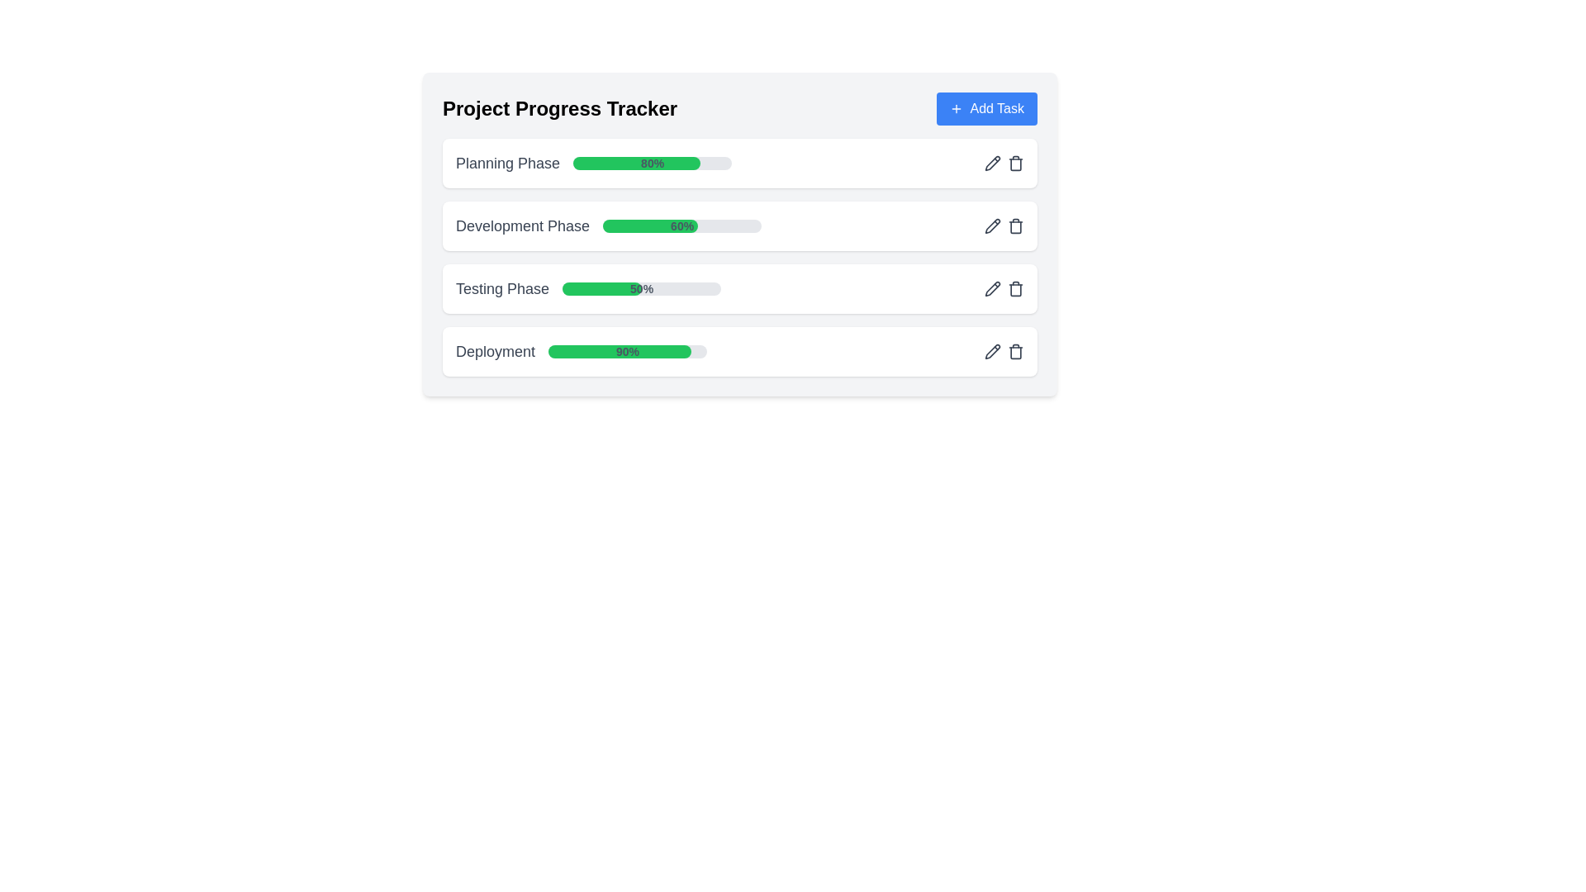  Describe the element at coordinates (619, 350) in the screenshot. I see `the filled green segment of the progress bar in the 'Deployment' row, indicating 90% completion within the progress tracker layout` at that location.